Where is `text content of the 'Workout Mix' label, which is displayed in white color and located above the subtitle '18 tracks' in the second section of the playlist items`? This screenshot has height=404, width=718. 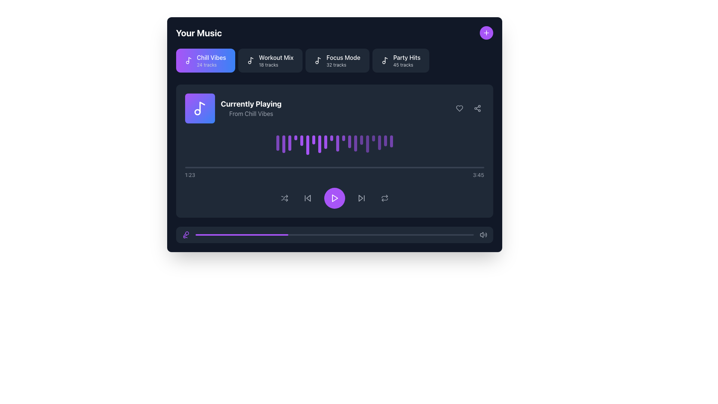
text content of the 'Workout Mix' label, which is displayed in white color and located above the subtitle '18 tracks' in the second section of the playlist items is located at coordinates (276, 57).